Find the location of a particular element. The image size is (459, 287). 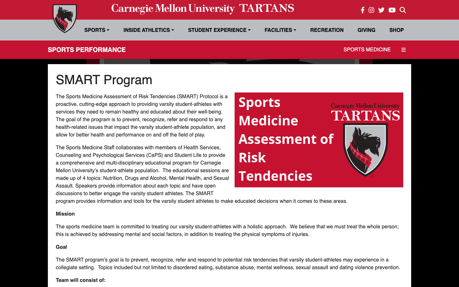

the Drop-Down Feature under Facilities is located at coordinates (280, 30).